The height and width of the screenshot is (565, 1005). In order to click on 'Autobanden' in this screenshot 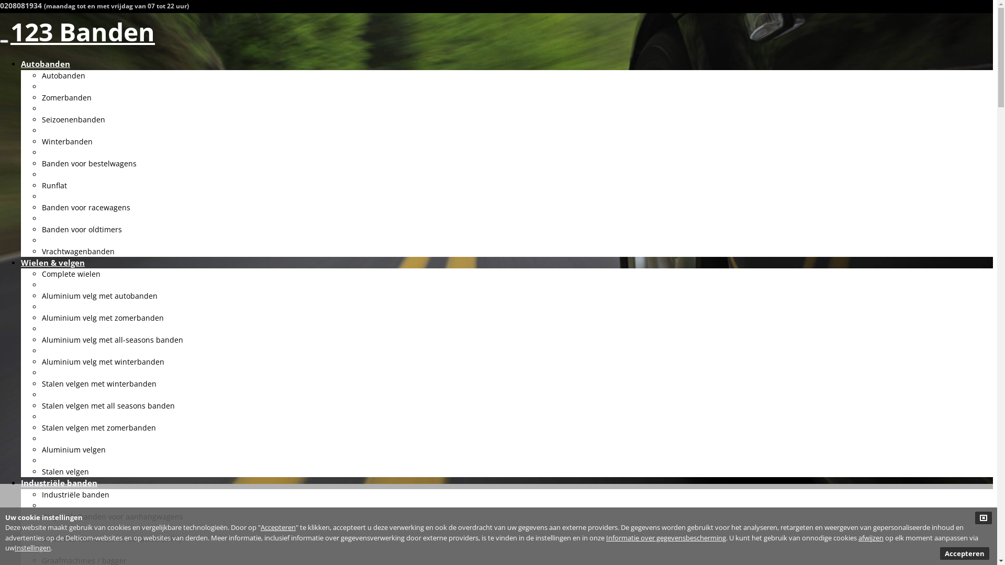, I will do `click(20, 64)`.